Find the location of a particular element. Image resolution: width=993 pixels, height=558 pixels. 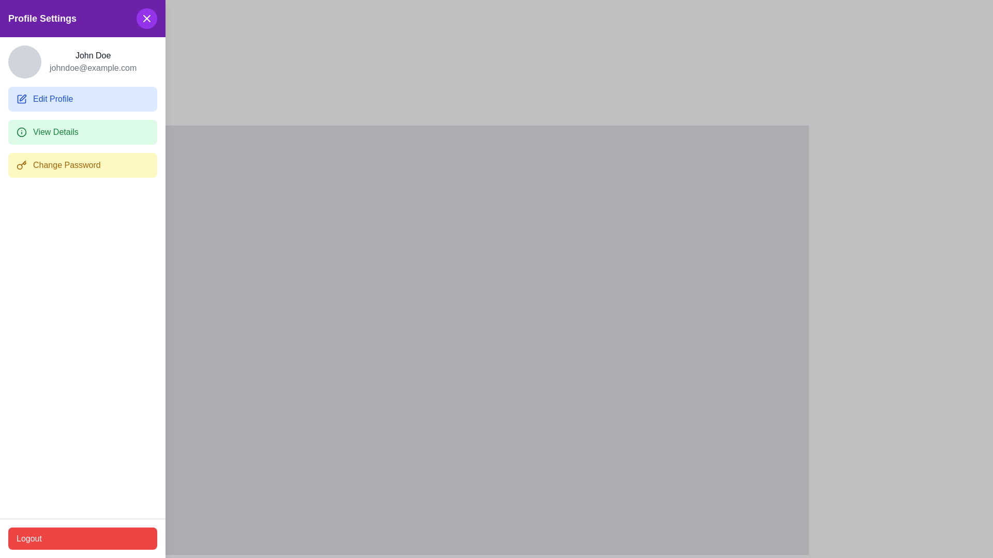

the Text display component containing the name 'John Doe' and the email address 'johndoe@example.com', located in the 'Profile Settings' side panel is located at coordinates (93, 61).